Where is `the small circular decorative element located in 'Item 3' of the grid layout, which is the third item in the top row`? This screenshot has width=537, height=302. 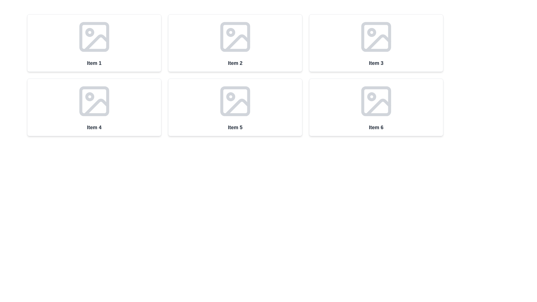
the small circular decorative element located in 'Item 3' of the grid layout, which is the third item in the top row is located at coordinates (372, 32).